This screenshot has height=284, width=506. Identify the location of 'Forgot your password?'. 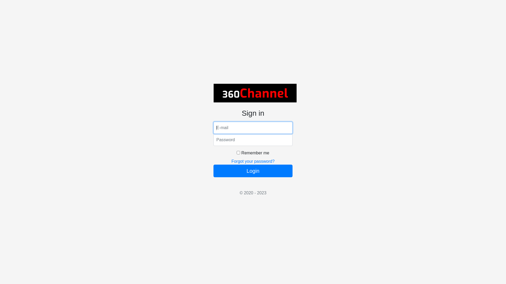
(253, 161).